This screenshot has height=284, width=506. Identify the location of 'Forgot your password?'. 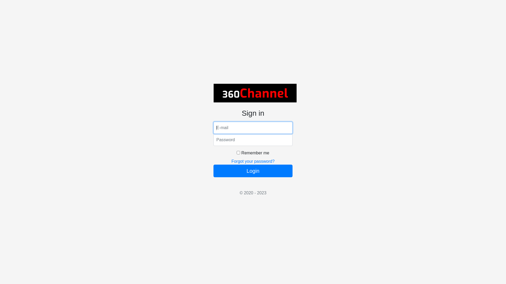
(253, 161).